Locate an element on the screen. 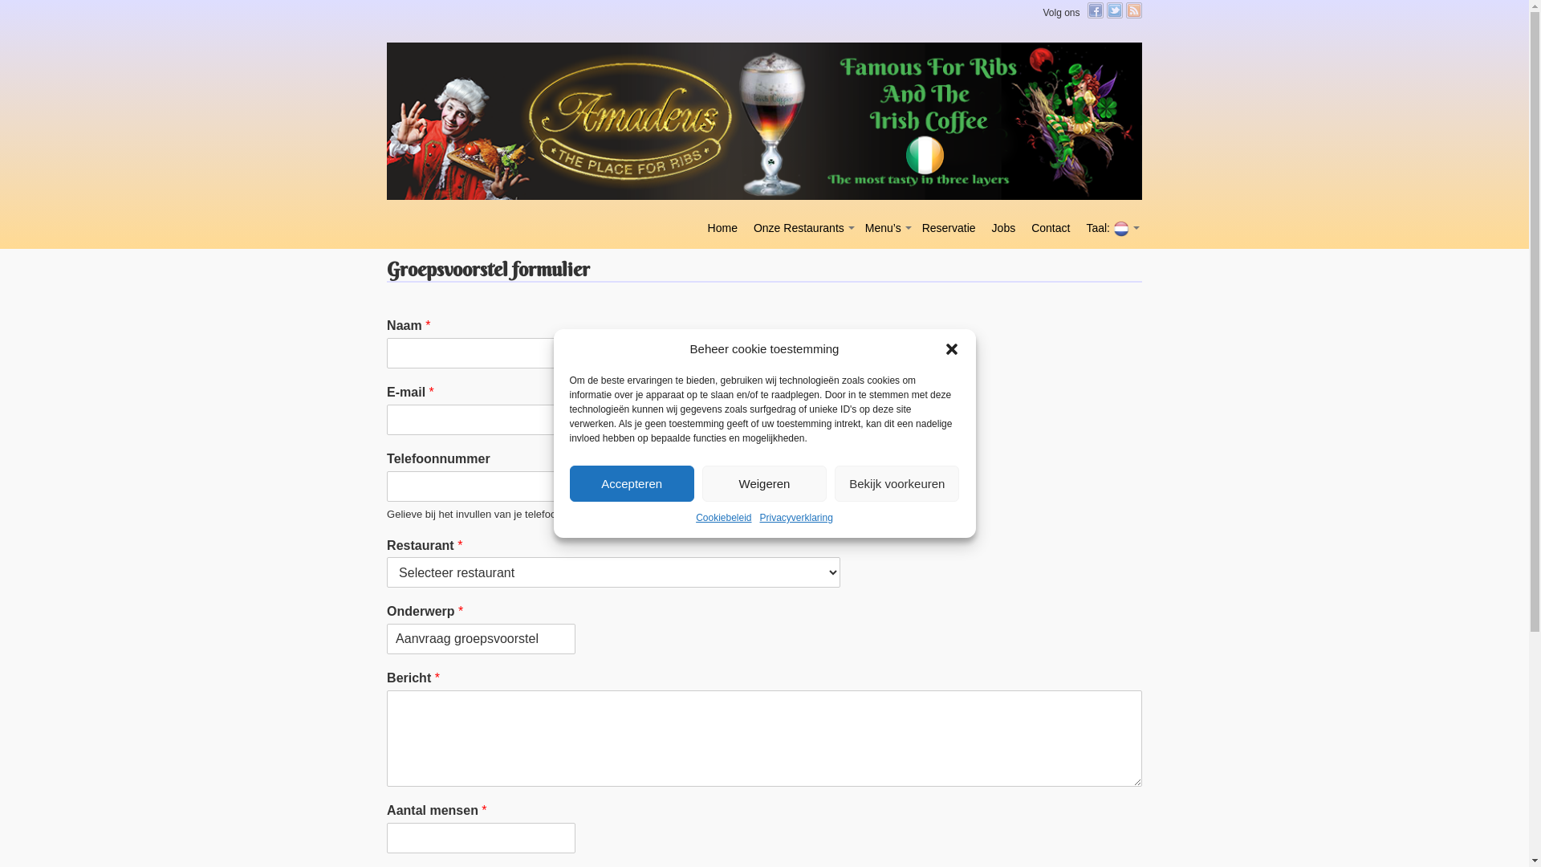  'Bekijk voorkeuren' is located at coordinates (896, 482).